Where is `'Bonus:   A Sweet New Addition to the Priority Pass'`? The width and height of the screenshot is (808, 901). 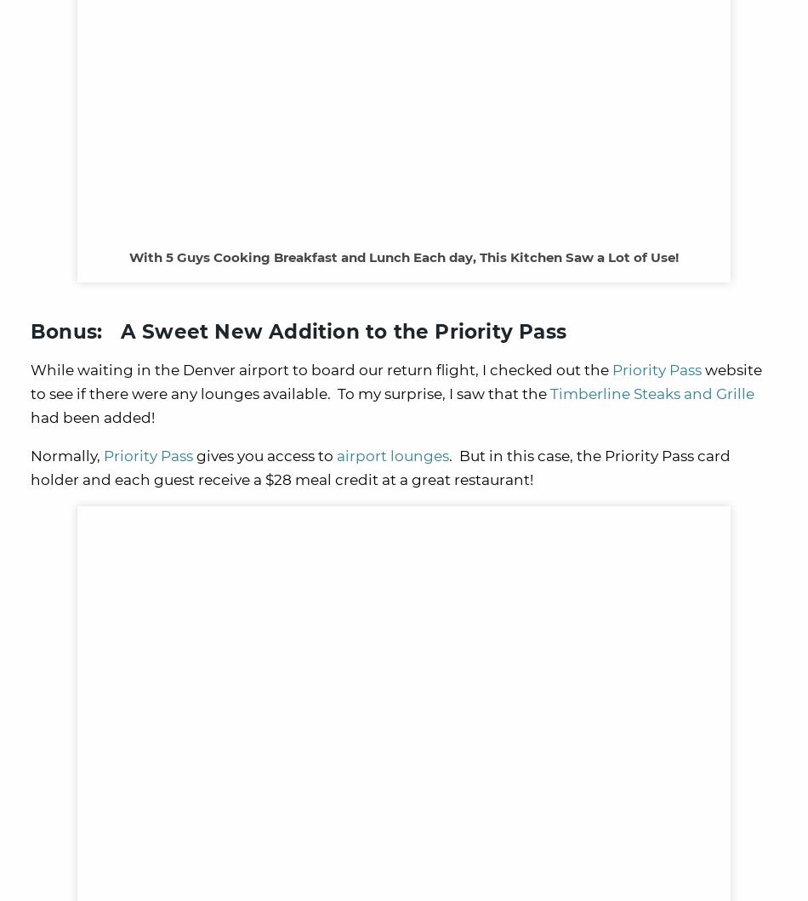
'Bonus:   A Sweet New Addition to the Priority Pass' is located at coordinates (298, 331).